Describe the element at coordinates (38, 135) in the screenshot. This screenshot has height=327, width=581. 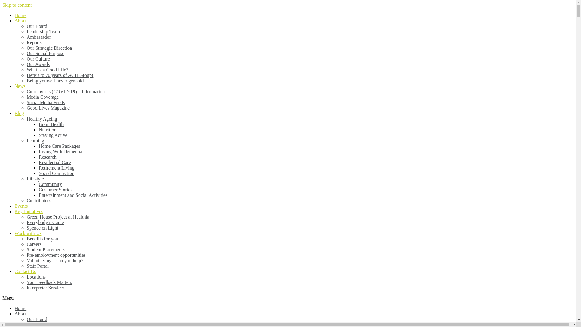
I see `'Staying Active'` at that location.